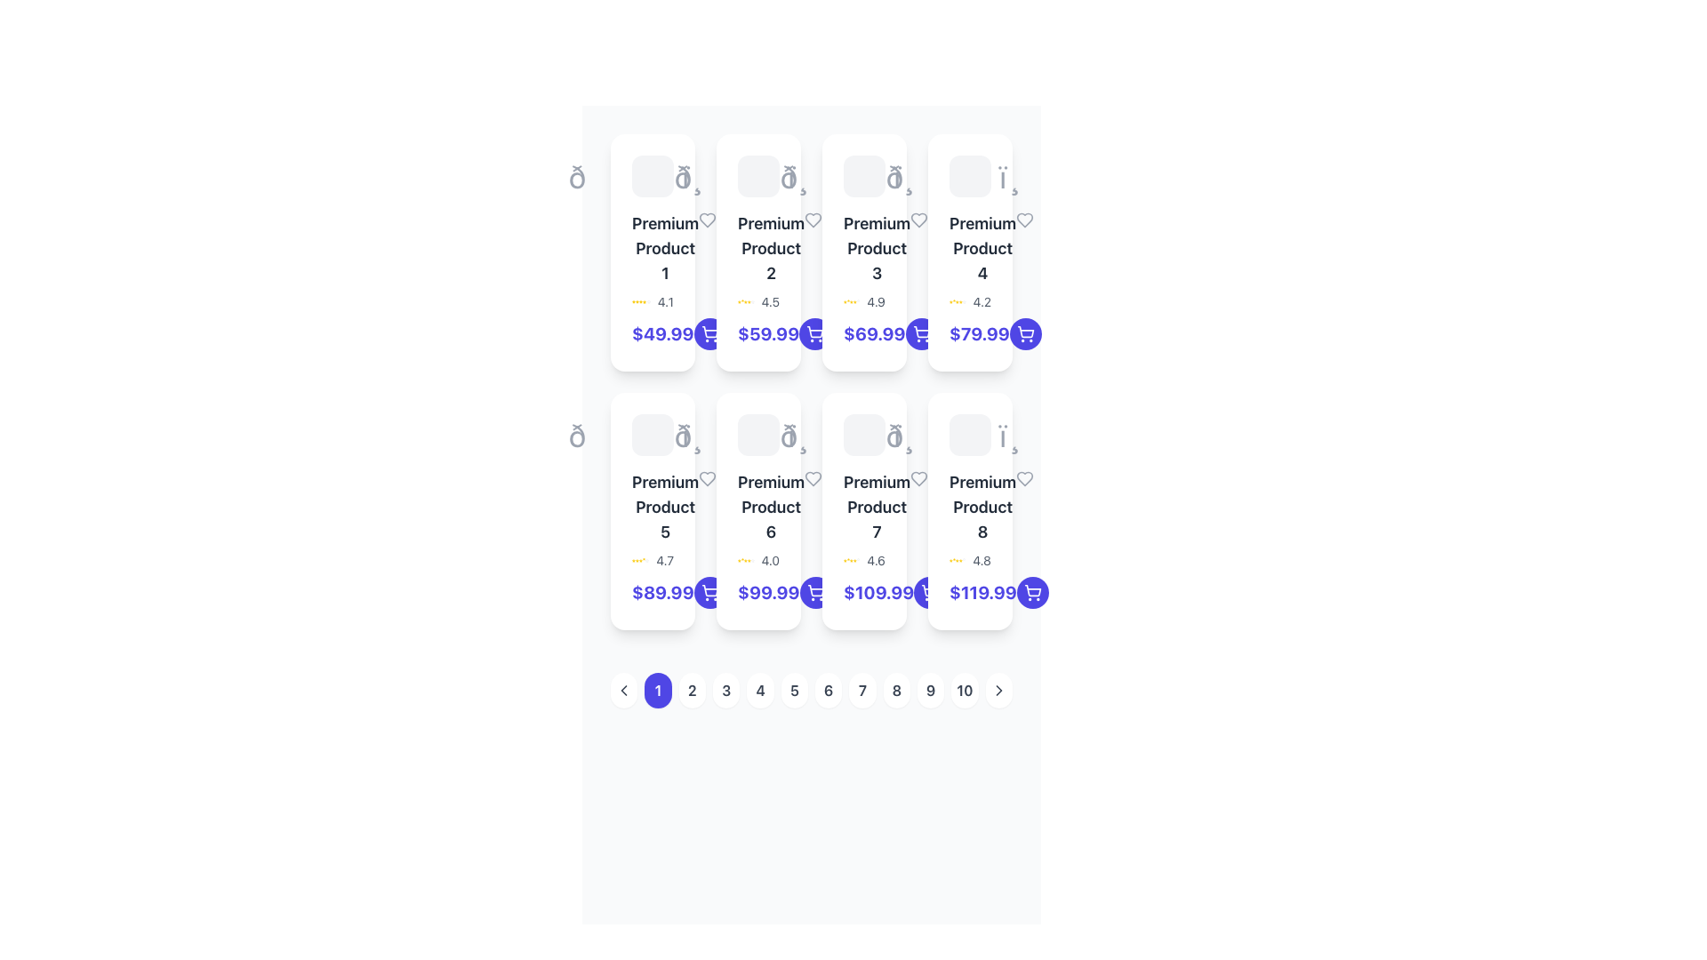  What do you see at coordinates (969, 333) in the screenshot?
I see `price label displayed at the bottom section of the card for 'Premium Product 4', located in the fourth column of the first row in the grid structure` at bounding box center [969, 333].